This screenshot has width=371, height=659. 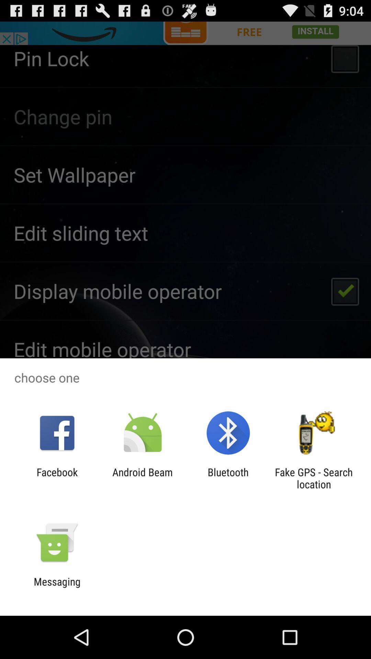 I want to click on the app to the left of the android beam item, so click(x=57, y=478).